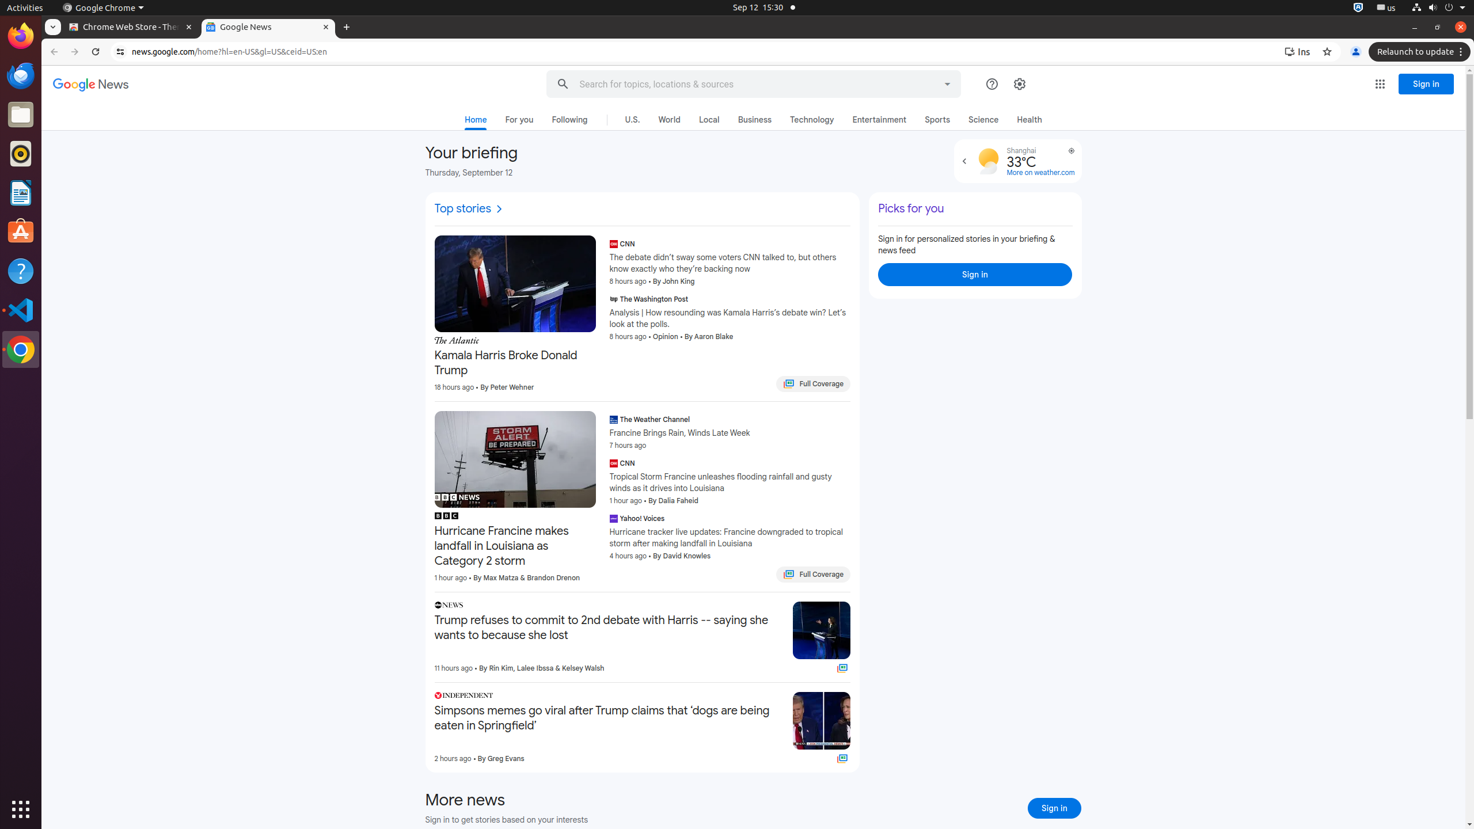 The image size is (1474, 829). I want to click on 'More - Simpsons memes go viral after Trump claims that ‘dogs are being eaten in Springfield’', so click(780, 697).